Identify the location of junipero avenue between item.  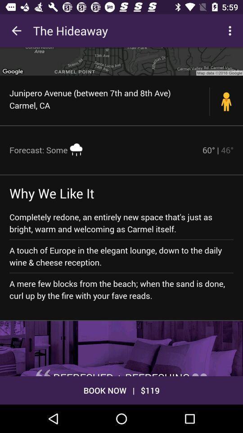
(109, 99).